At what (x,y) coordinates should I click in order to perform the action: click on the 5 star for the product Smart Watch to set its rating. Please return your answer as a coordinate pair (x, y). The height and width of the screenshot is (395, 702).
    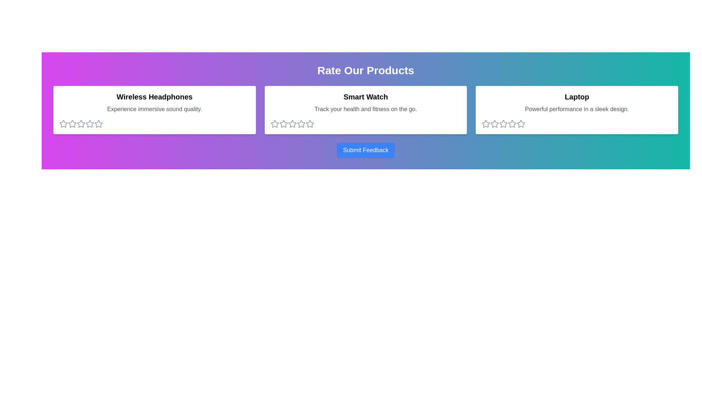
    Looking at the image, I should click on (309, 124).